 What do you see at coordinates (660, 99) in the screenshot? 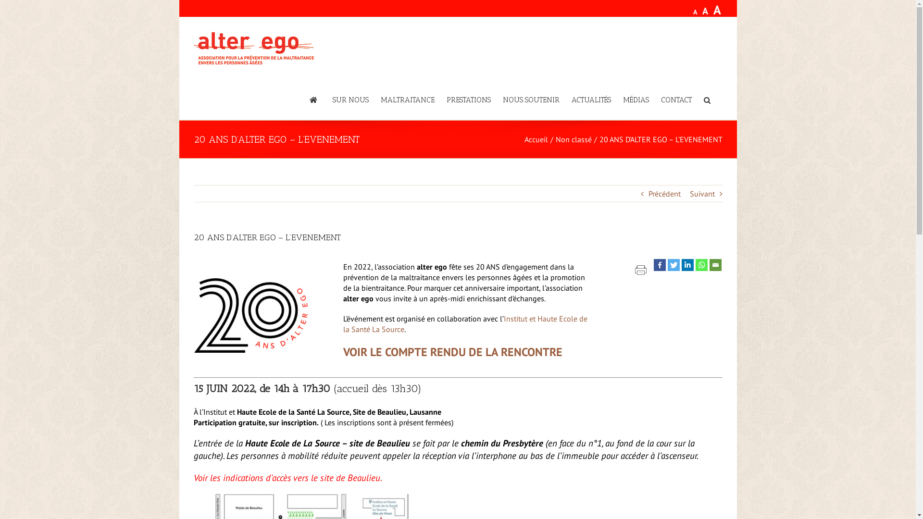
I see `'CONTACT'` at bounding box center [660, 99].